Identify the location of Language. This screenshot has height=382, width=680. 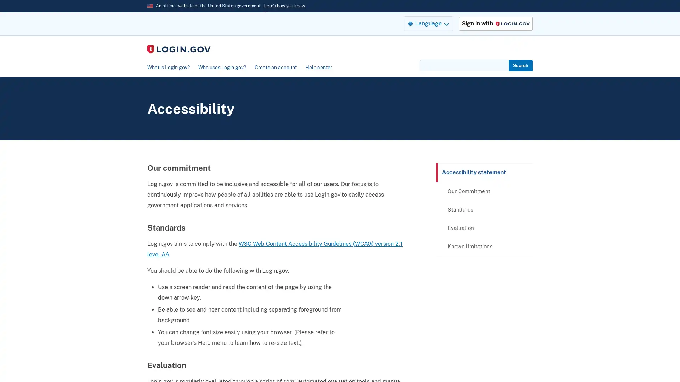
(428, 23).